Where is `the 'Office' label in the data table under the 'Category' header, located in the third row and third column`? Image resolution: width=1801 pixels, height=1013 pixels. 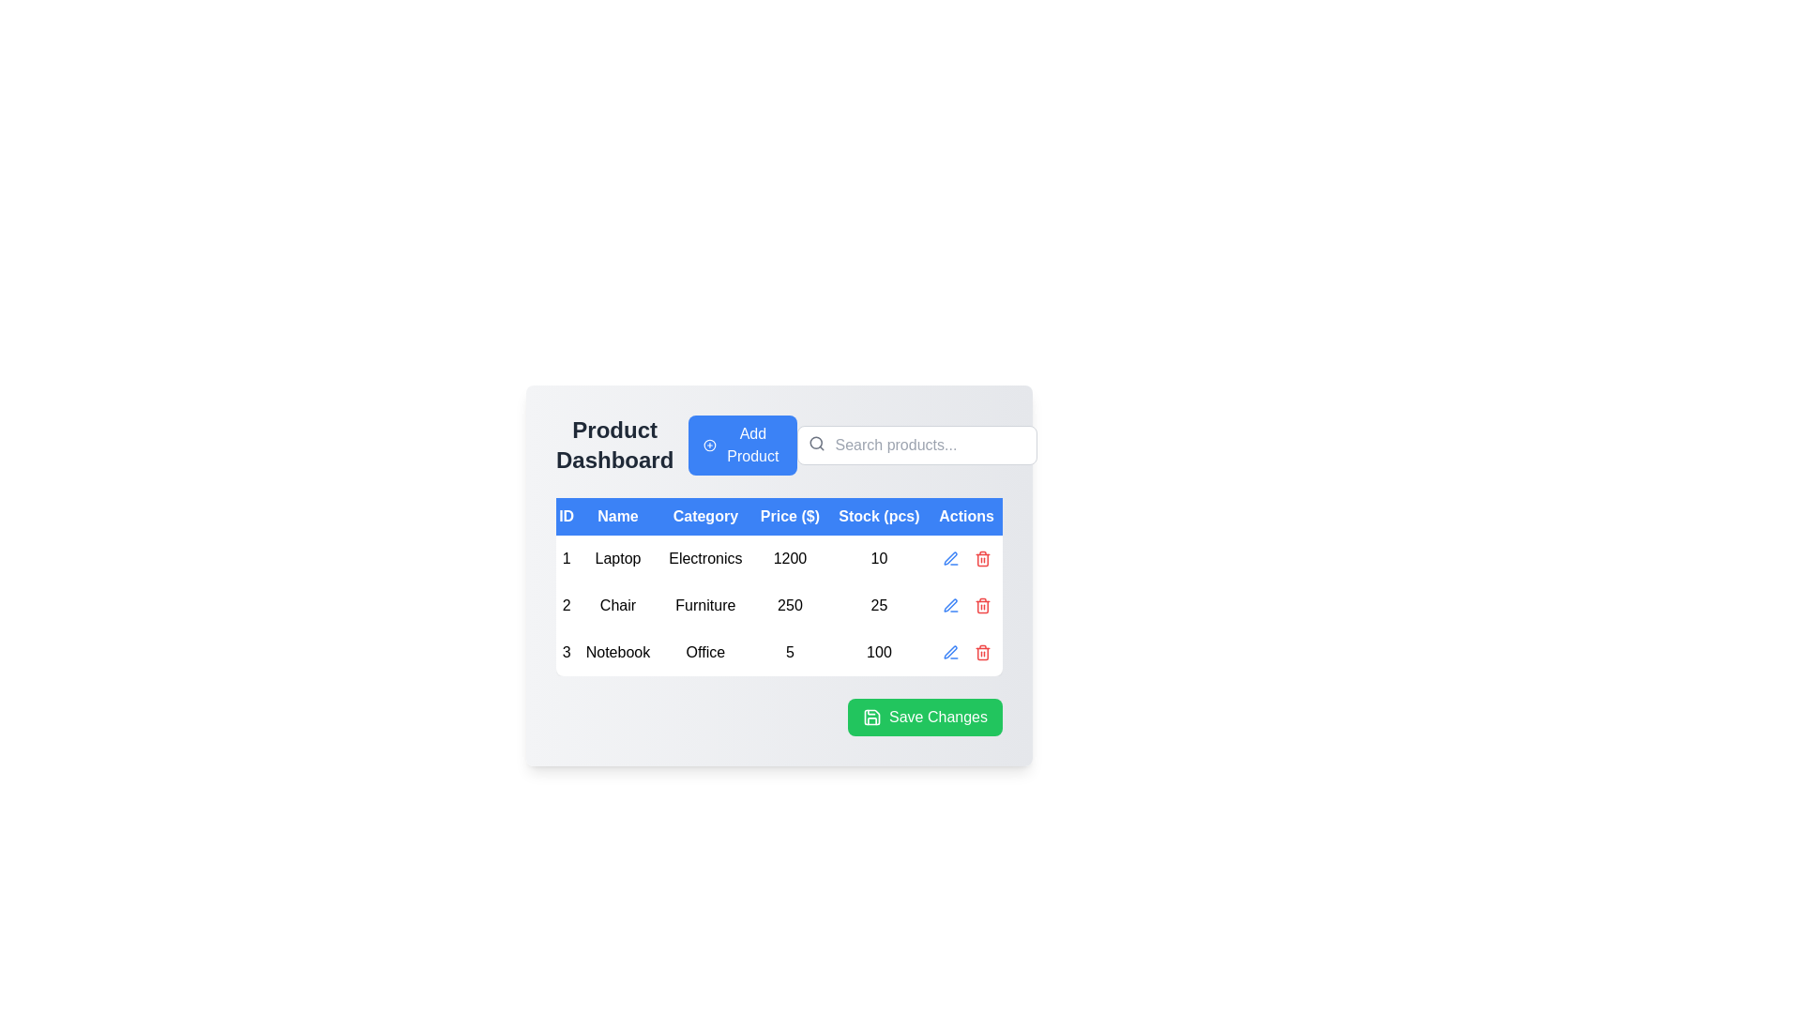 the 'Office' label in the data table under the 'Category' header, located in the third row and third column is located at coordinates (704, 651).